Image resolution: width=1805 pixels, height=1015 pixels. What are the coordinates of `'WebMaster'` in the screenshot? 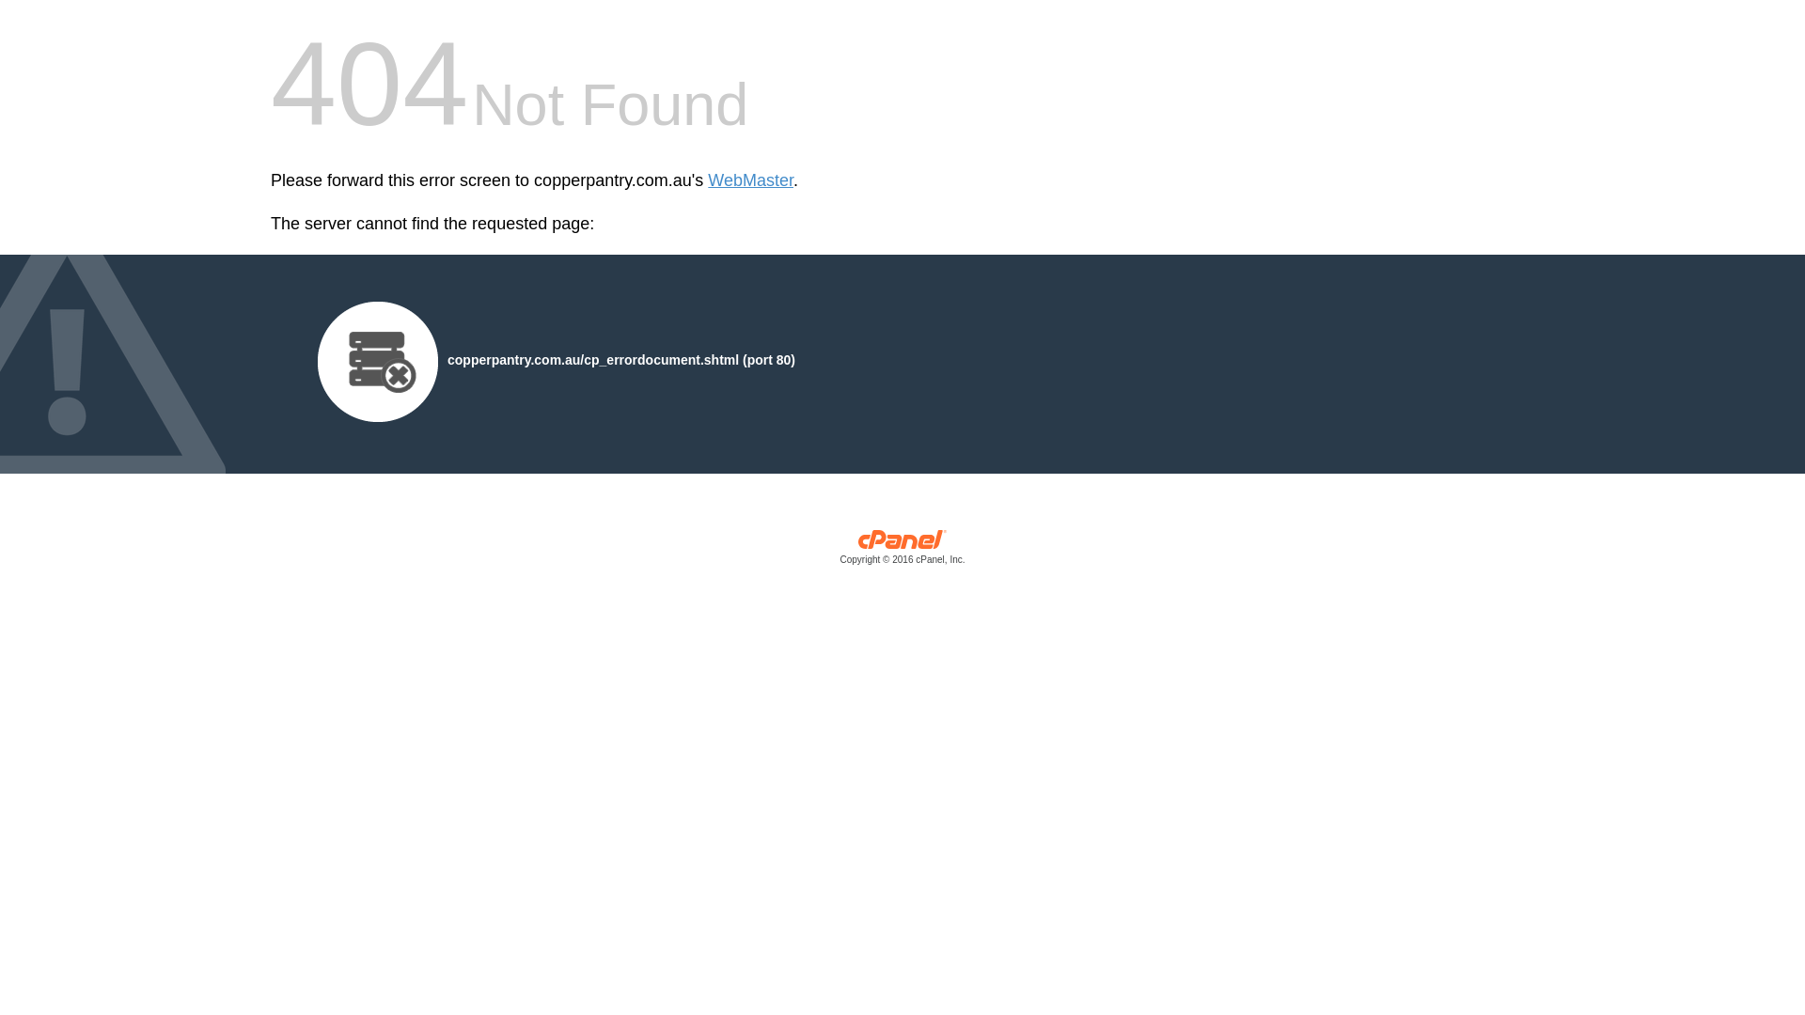 It's located at (749, 180).